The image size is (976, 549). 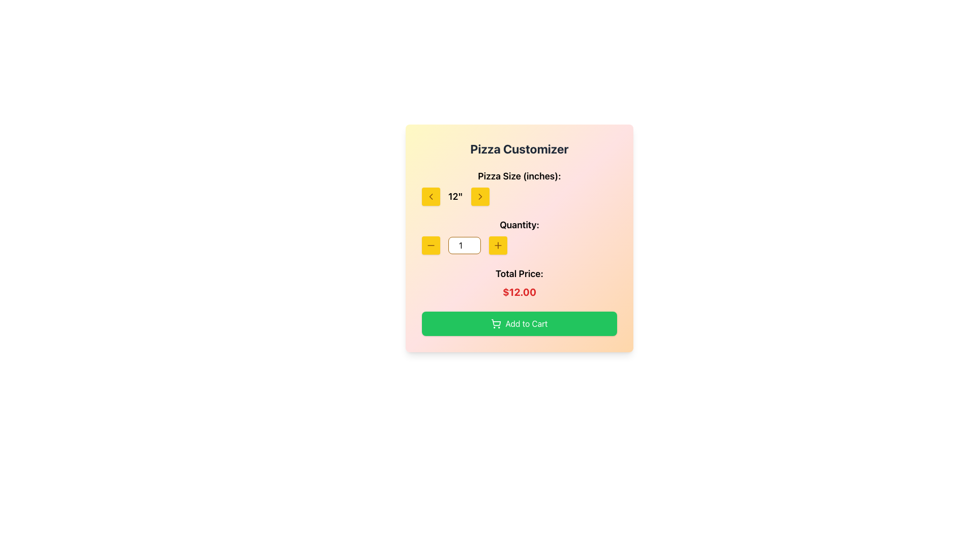 I want to click on the shopping cart icon located within the green 'Add to Cart' button in the Pizza Customizer section, so click(x=496, y=323).